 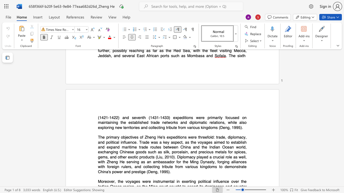 What do you see at coordinates (192, 123) in the screenshot?
I see `the subset text "plomatic relations, while also exploring new territories and collect" within the text "the established trade networks and diplomatic relations, while also exploring new territories and collecting tribute from various kingdoms (Deng, 1995)."` at bounding box center [192, 123].